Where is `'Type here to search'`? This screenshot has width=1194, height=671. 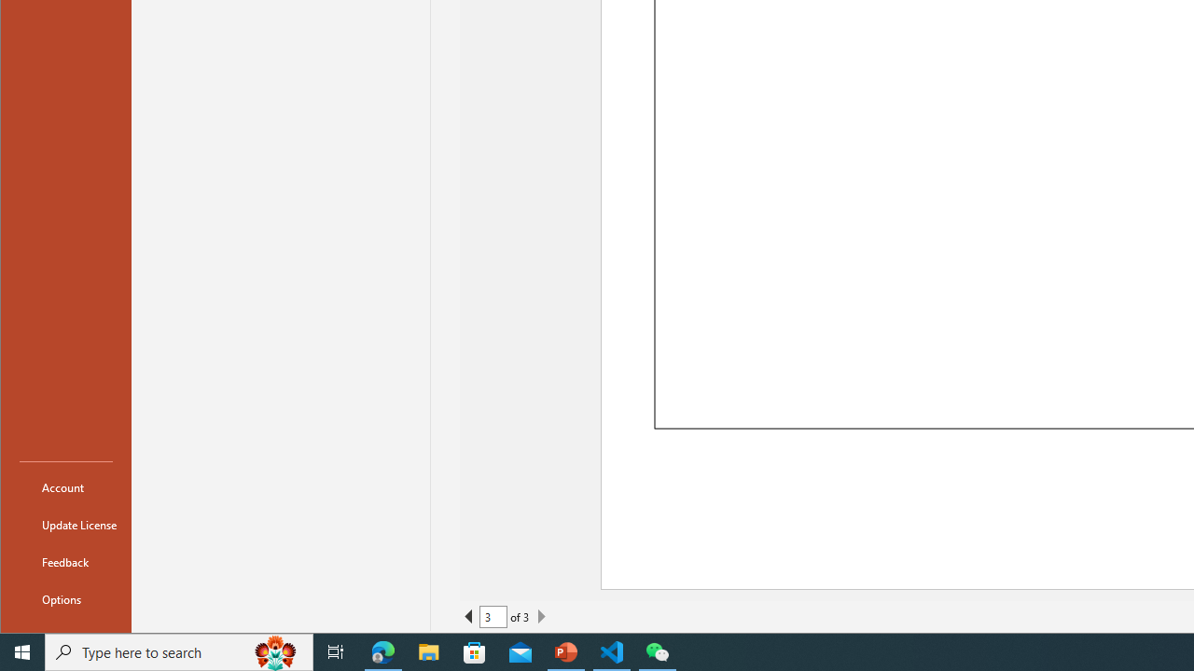
'Type here to search' is located at coordinates (179, 650).